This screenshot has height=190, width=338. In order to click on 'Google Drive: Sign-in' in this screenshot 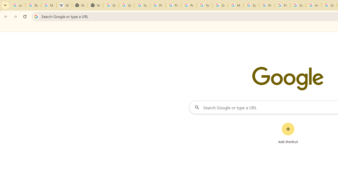, I will do `click(127, 5)`.